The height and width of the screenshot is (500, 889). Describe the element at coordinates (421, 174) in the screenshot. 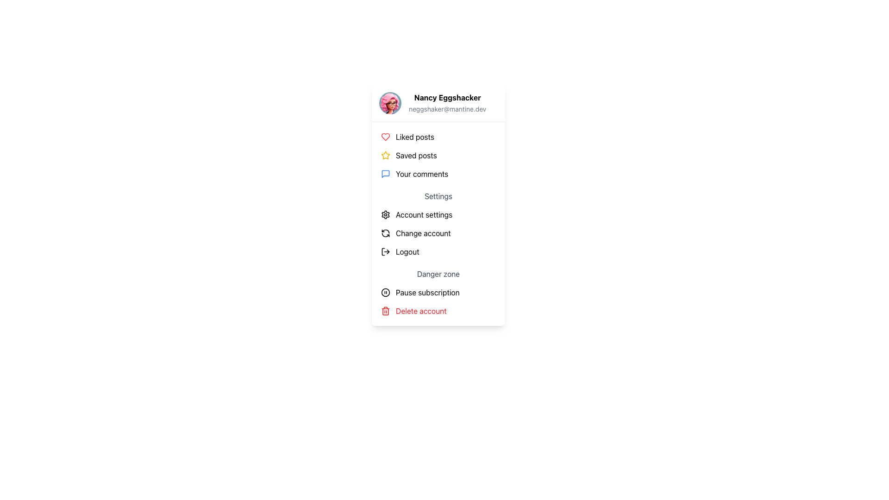

I see `the text label displaying 'Your comments'` at that location.